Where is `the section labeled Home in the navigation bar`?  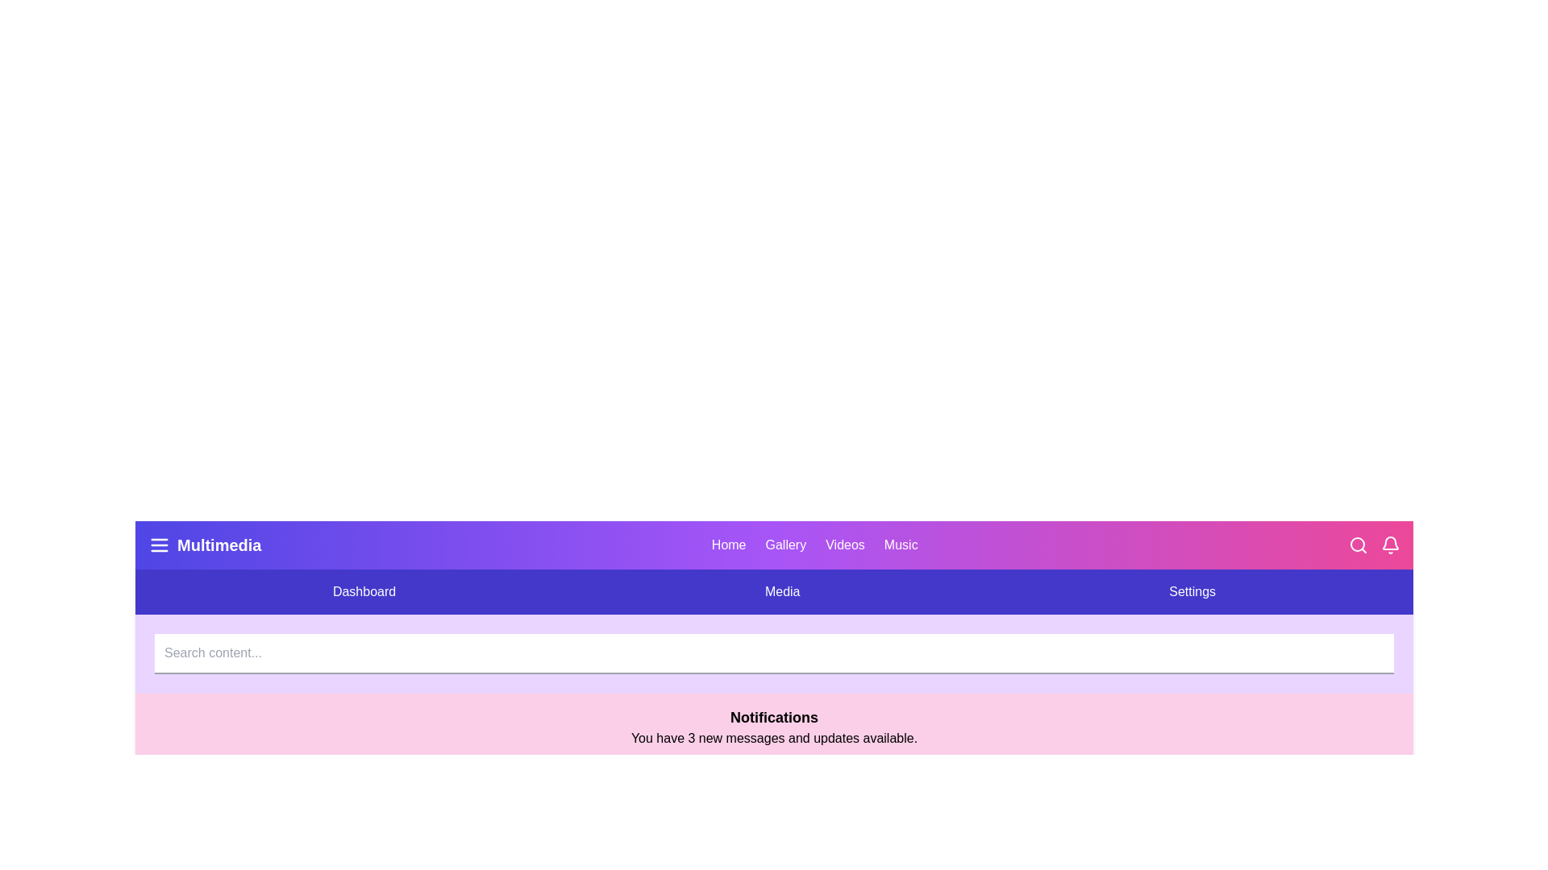
the section labeled Home in the navigation bar is located at coordinates (727, 545).